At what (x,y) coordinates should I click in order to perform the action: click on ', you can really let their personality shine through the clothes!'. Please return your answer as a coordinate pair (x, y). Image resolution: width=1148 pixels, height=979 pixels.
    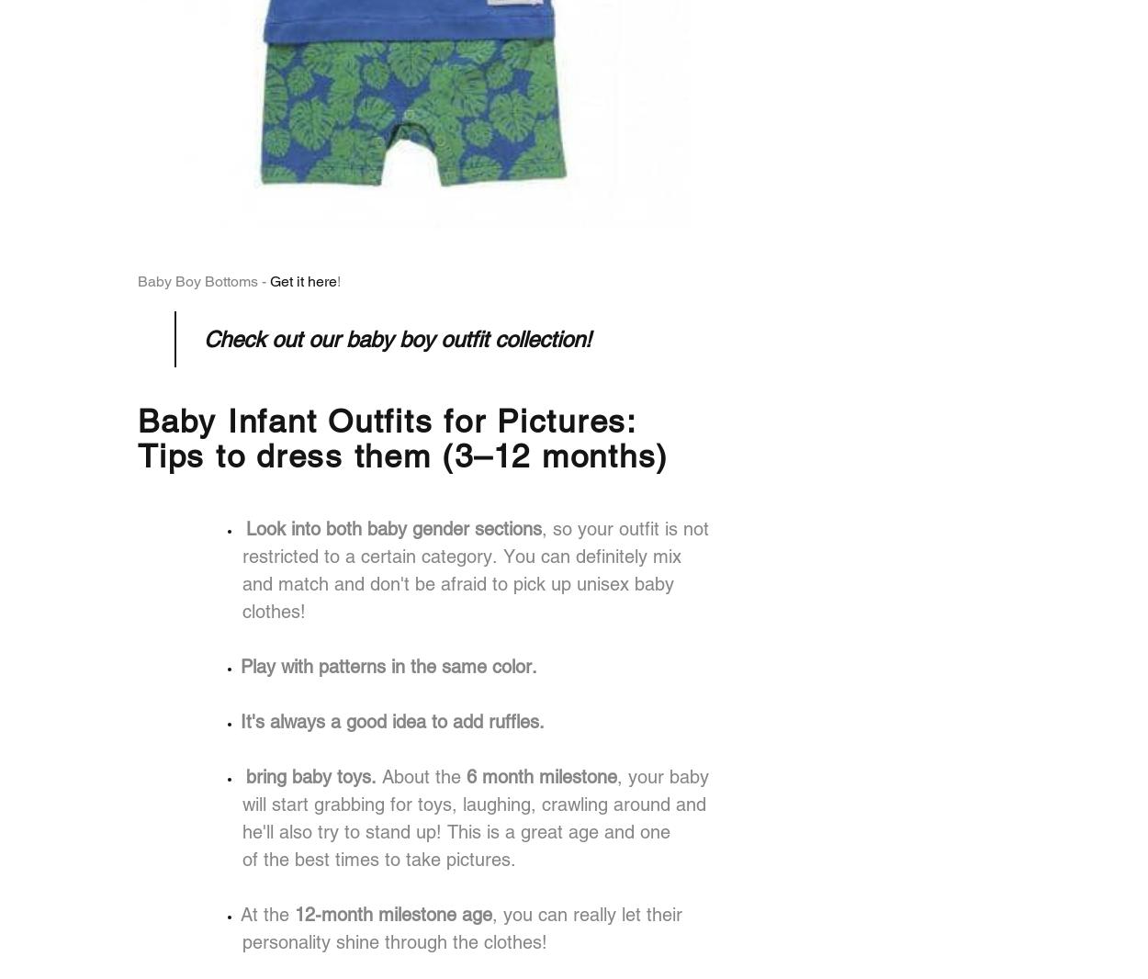
    Looking at the image, I should click on (462, 928).